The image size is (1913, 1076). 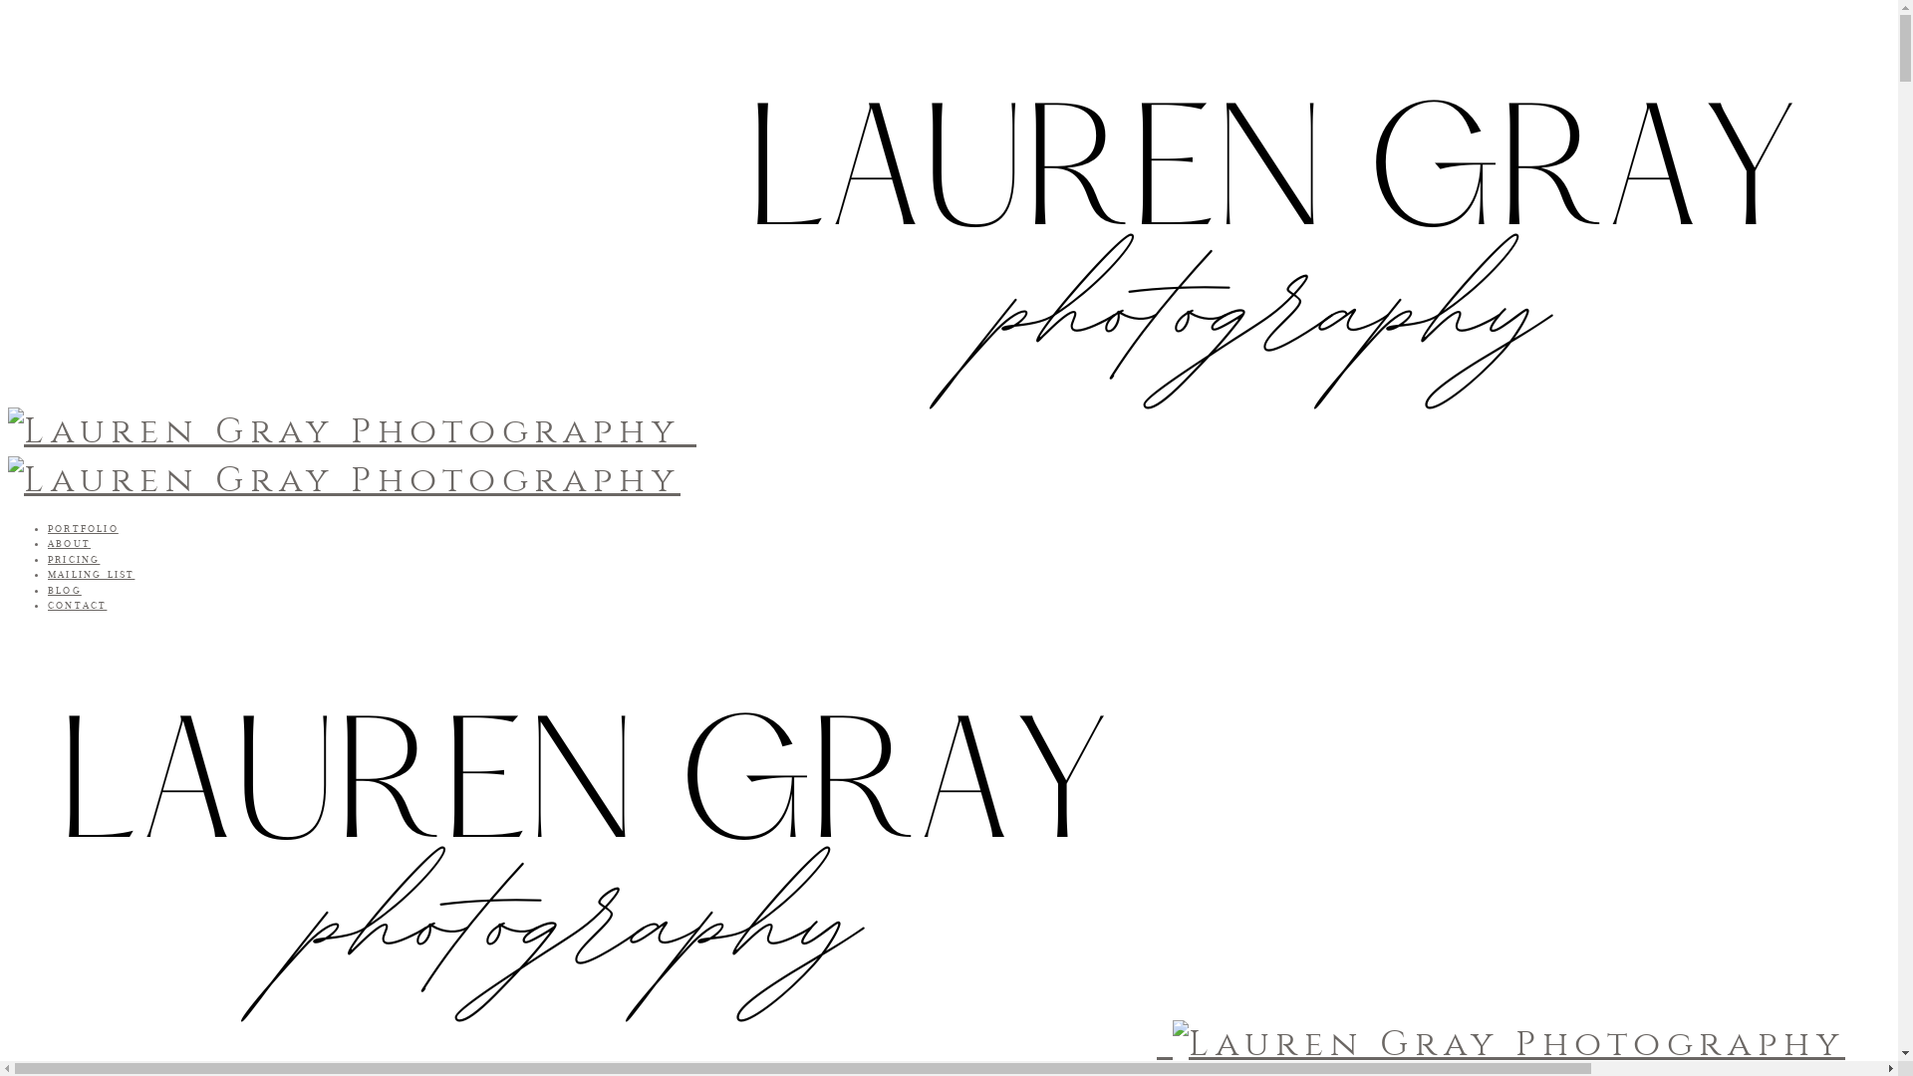 What do you see at coordinates (77, 604) in the screenshot?
I see `'CONTACT'` at bounding box center [77, 604].